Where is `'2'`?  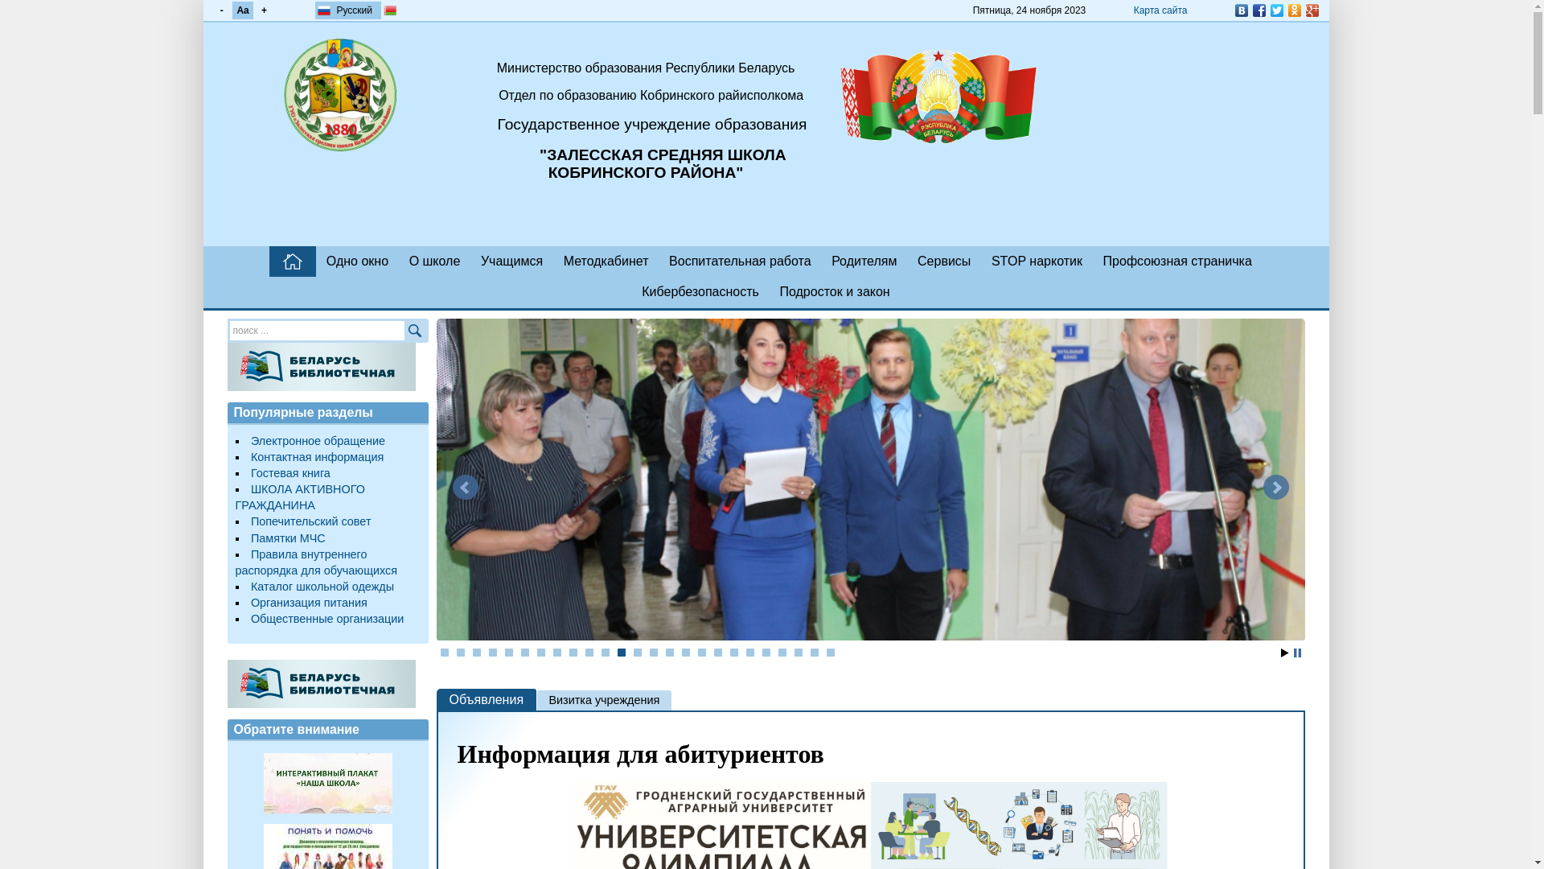
'2' is located at coordinates (459, 652).